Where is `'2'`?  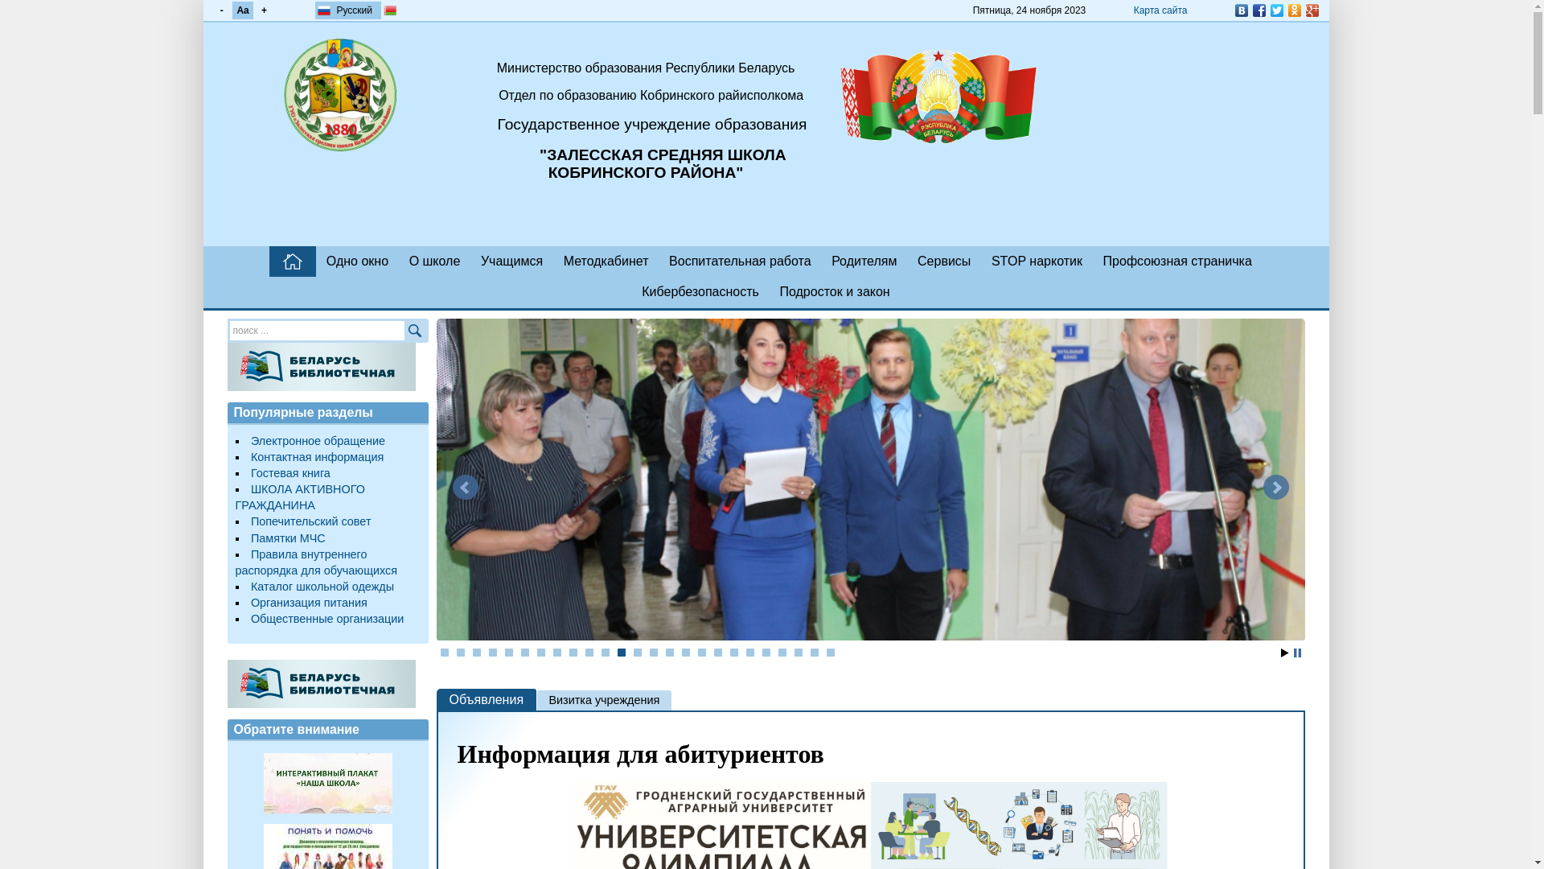
'2' is located at coordinates (459, 652).